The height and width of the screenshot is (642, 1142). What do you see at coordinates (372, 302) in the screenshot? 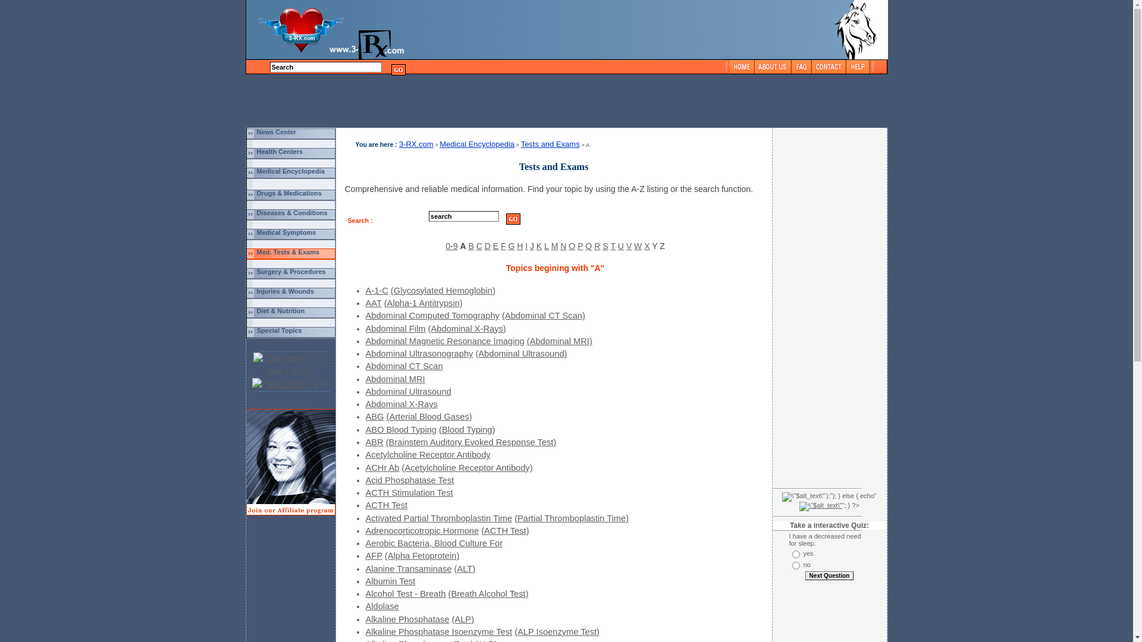
I see `'AAT'` at bounding box center [372, 302].